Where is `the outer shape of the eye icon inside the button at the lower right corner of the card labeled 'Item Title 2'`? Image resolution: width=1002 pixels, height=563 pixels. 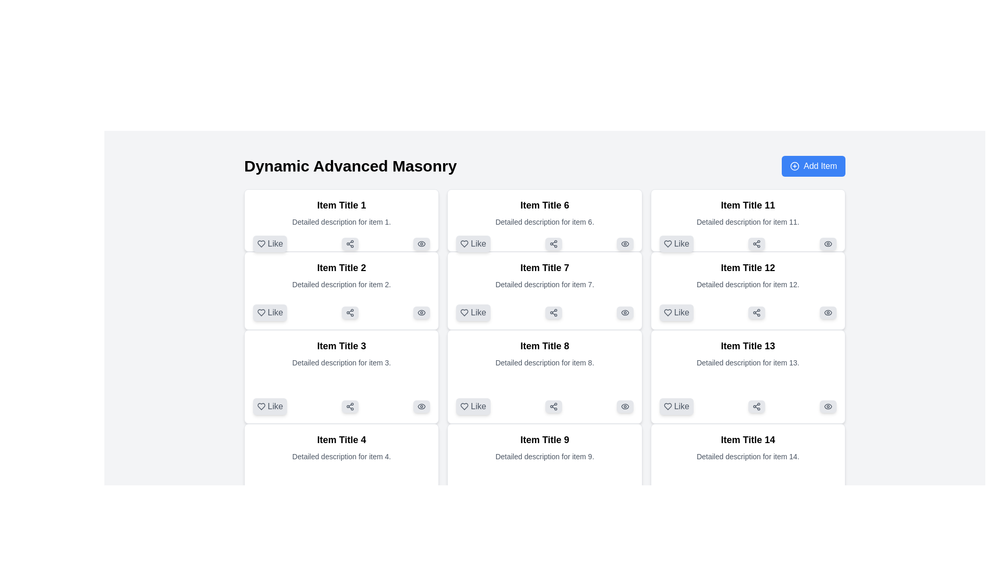
the outer shape of the eye icon inside the button at the lower right corner of the card labeled 'Item Title 2' is located at coordinates (421, 243).